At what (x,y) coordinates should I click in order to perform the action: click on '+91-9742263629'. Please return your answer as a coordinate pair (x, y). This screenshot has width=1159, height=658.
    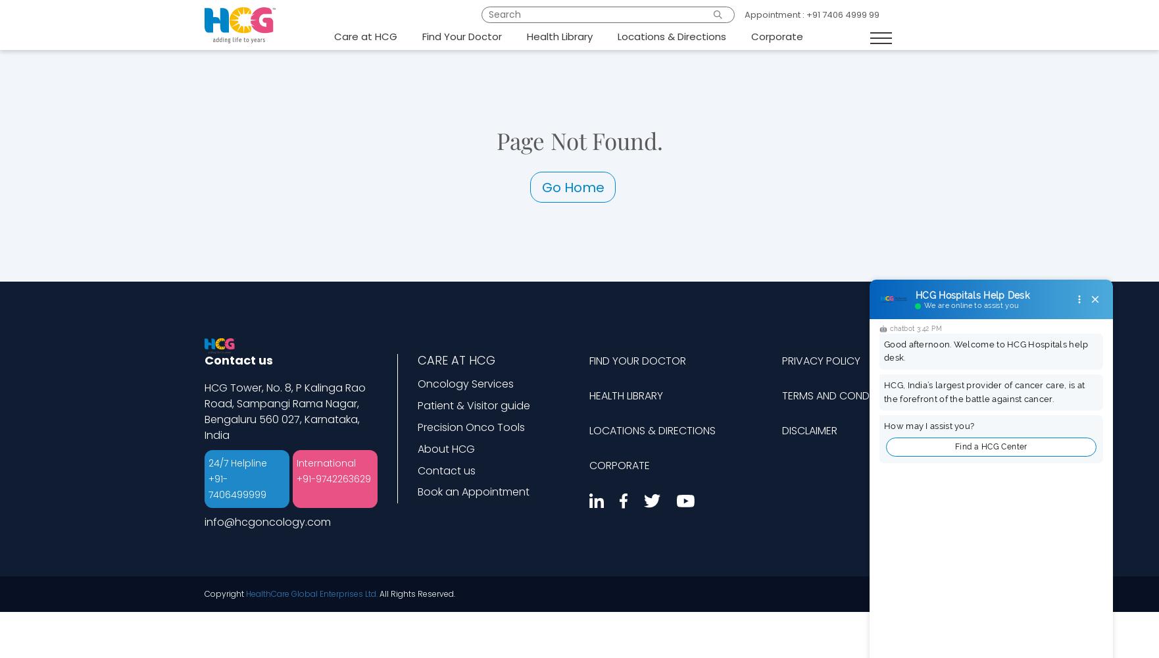
    Looking at the image, I should click on (332, 478).